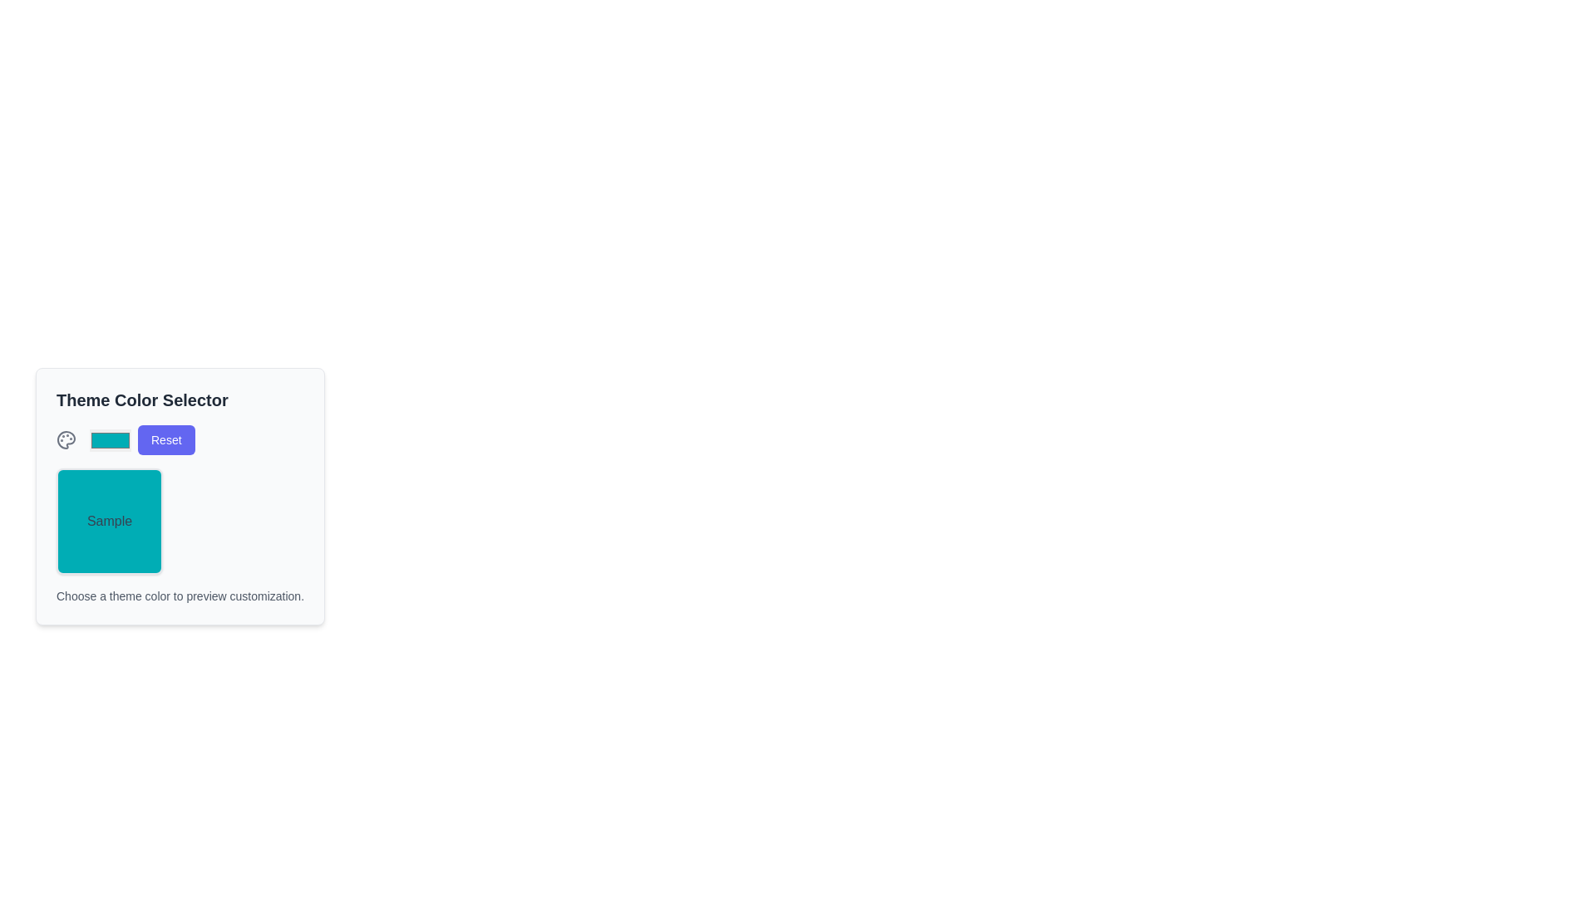  I want to click on instructional text from the Text Label located at the bottom of the 'Theme Color Selector' section, styled in grayish tone (#gray-600), so click(180, 595).